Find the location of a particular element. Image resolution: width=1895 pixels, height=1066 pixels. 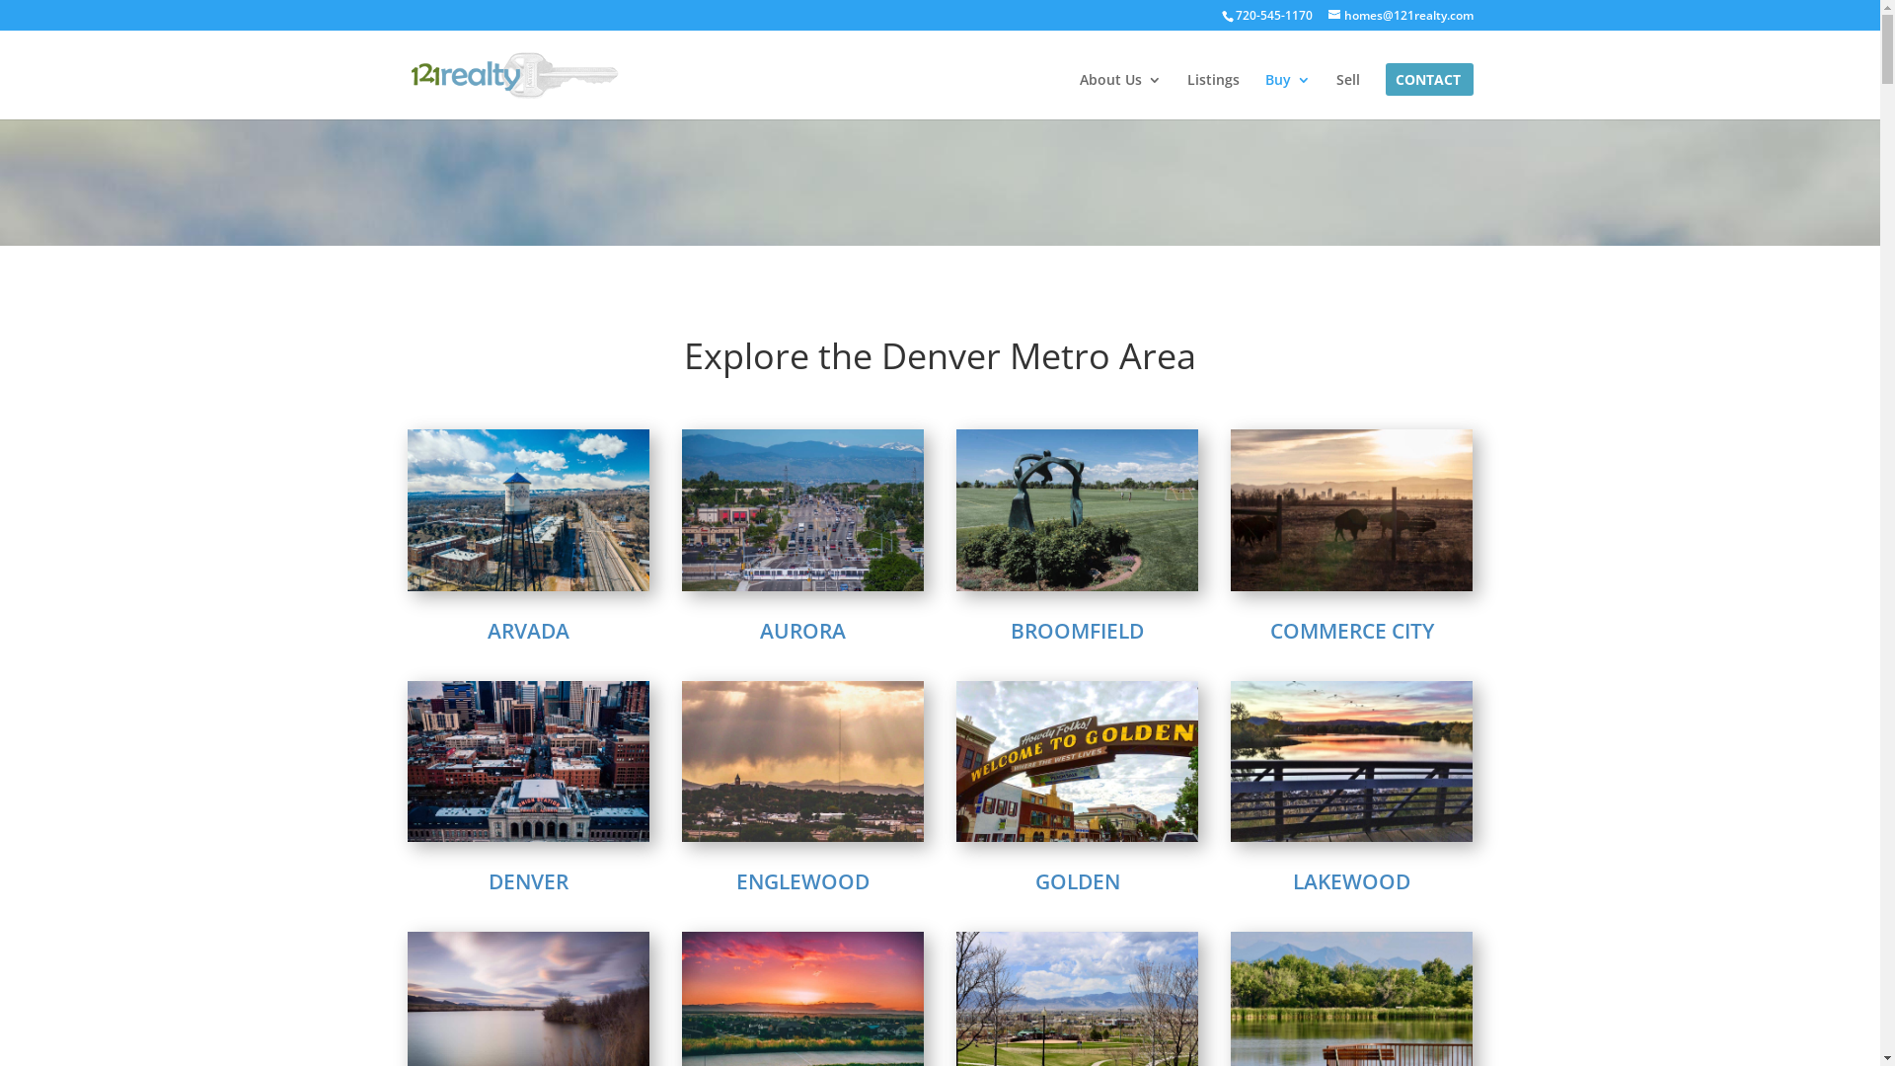

'COMMERCE CITY' is located at coordinates (1269, 631).